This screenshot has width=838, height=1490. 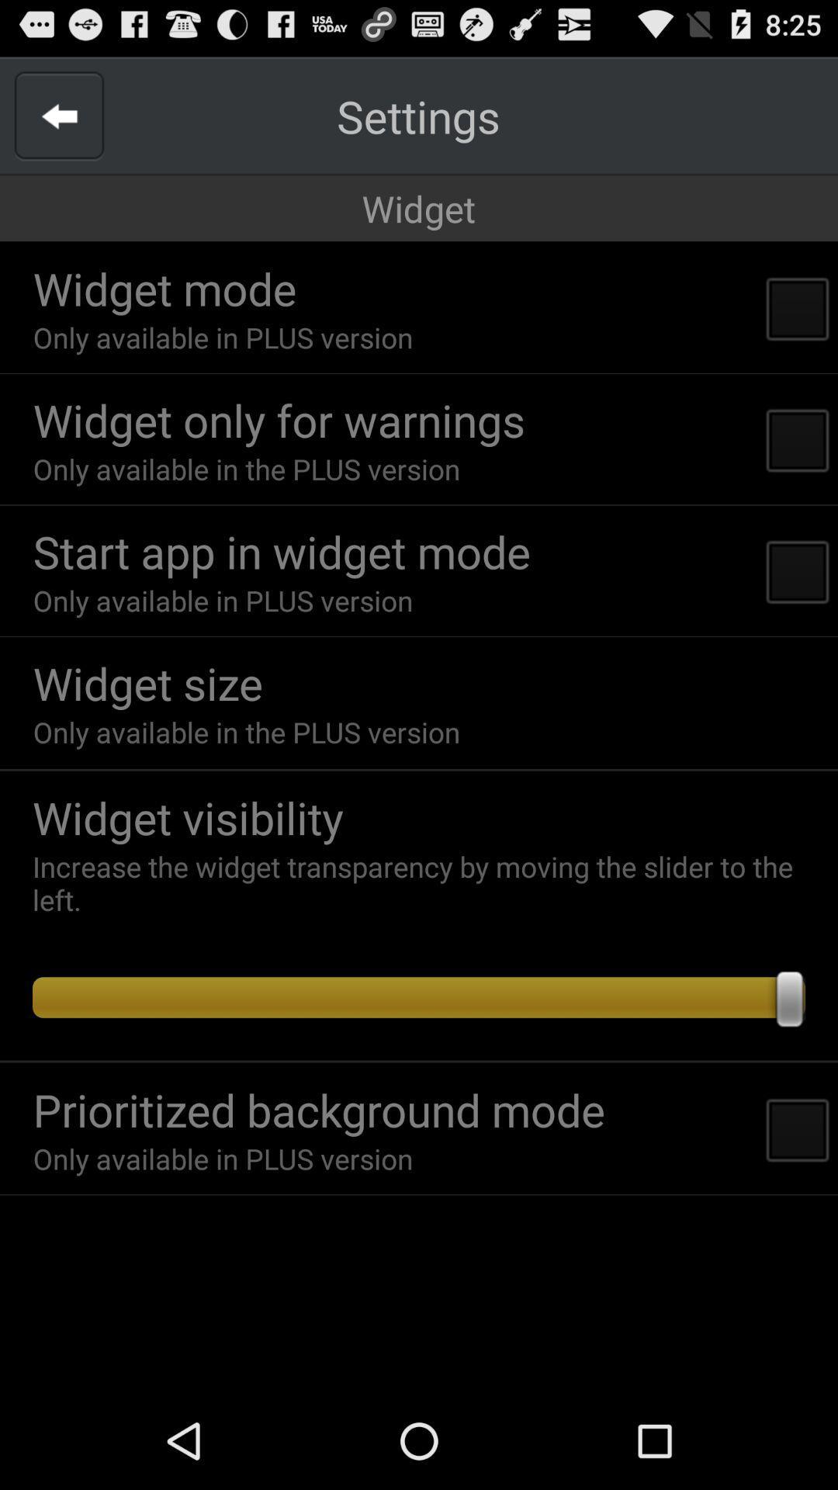 What do you see at coordinates (282, 551) in the screenshot?
I see `the icon below only available in app` at bounding box center [282, 551].